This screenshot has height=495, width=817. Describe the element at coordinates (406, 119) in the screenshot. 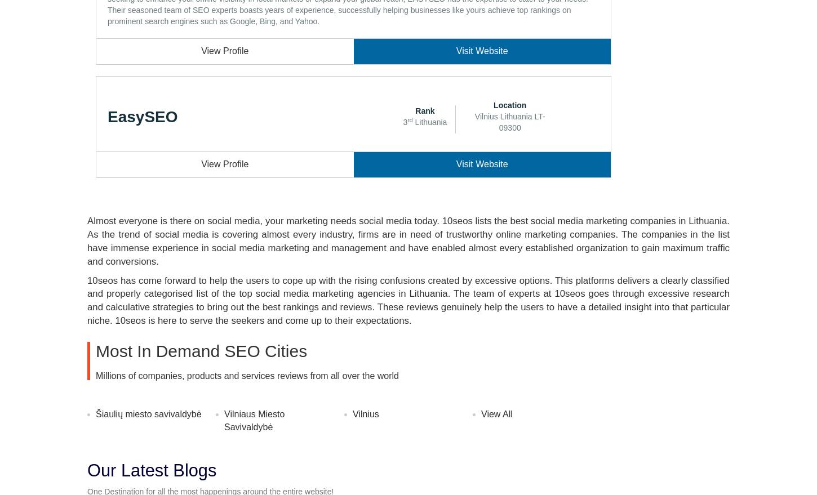

I see `'rd'` at that location.